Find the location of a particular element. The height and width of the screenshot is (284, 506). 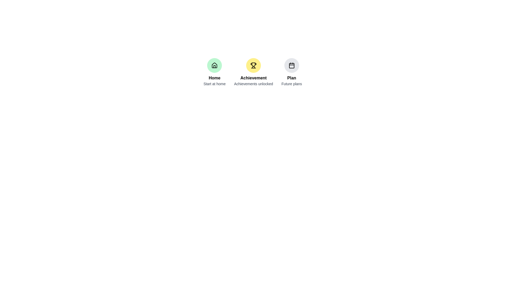

descriptive context label located directly below the 'Home' label and house icon is located at coordinates (215, 84).